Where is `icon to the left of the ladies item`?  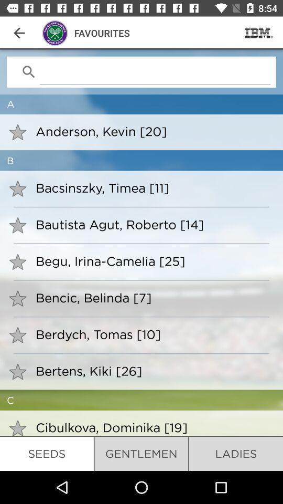
icon to the left of the ladies item is located at coordinates (141, 453).